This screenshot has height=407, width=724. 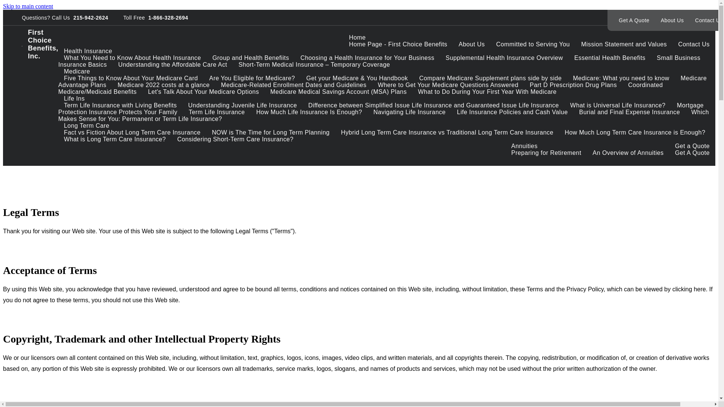 What do you see at coordinates (575, 44) in the screenshot?
I see `'Mission Statement and Values'` at bounding box center [575, 44].